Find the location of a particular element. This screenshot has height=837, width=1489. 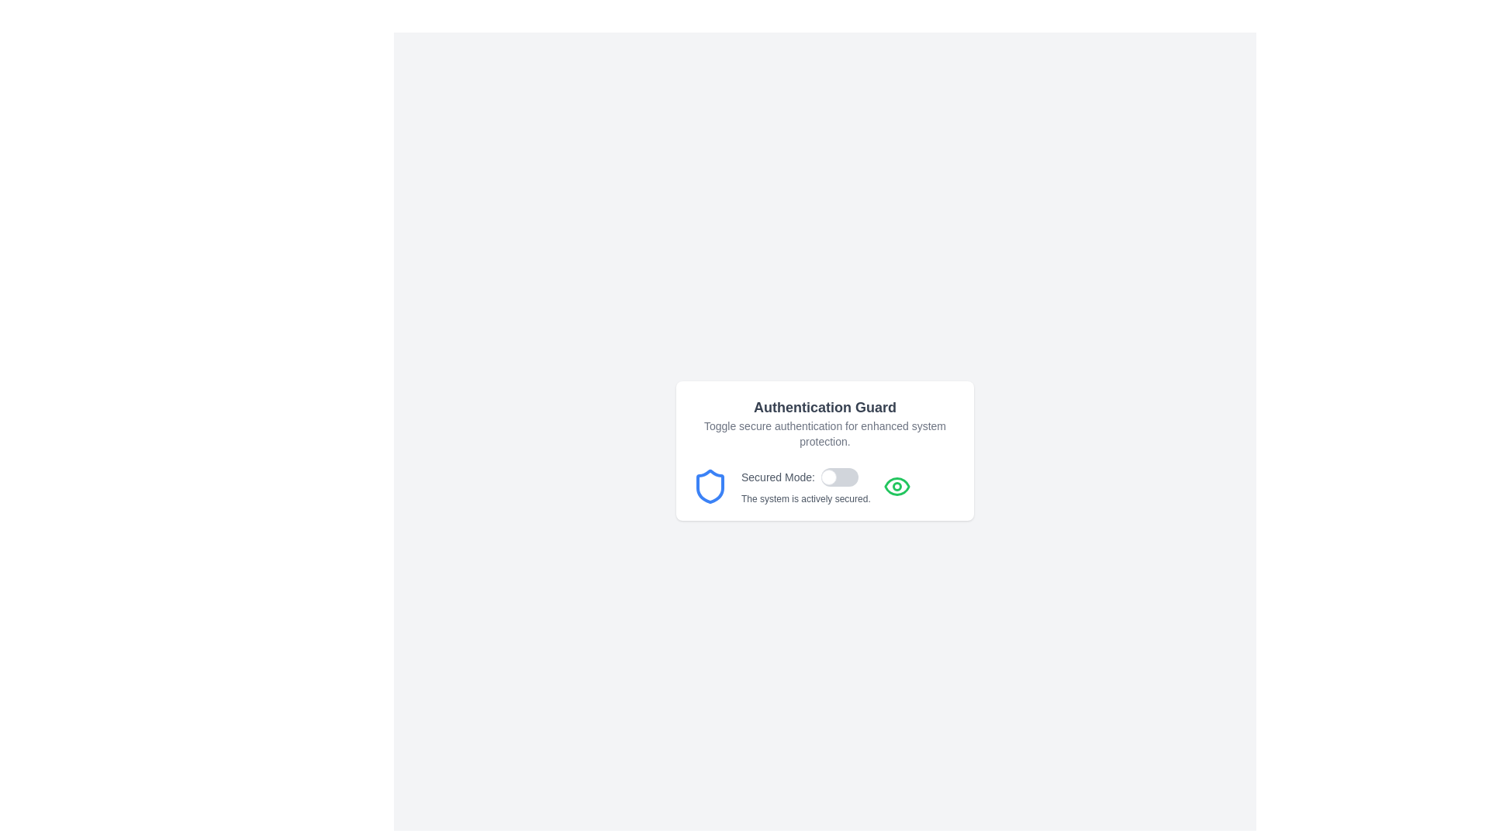

the toggle switch for the 'Secured Mode' security feature is located at coordinates (824, 486).